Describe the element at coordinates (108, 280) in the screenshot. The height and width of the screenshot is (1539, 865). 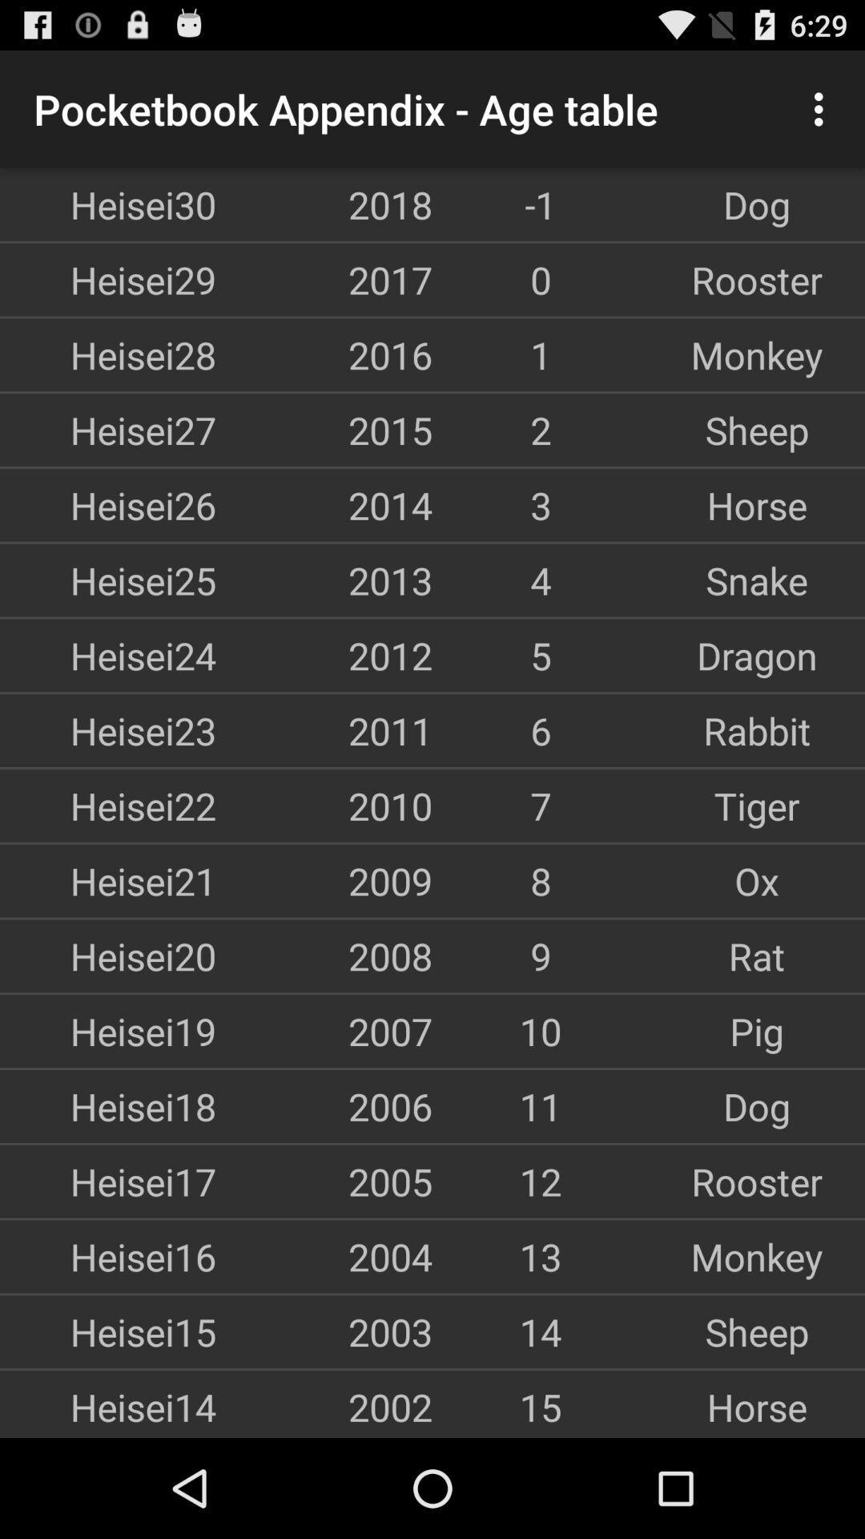
I see `the item to the left of the 2017 item` at that location.